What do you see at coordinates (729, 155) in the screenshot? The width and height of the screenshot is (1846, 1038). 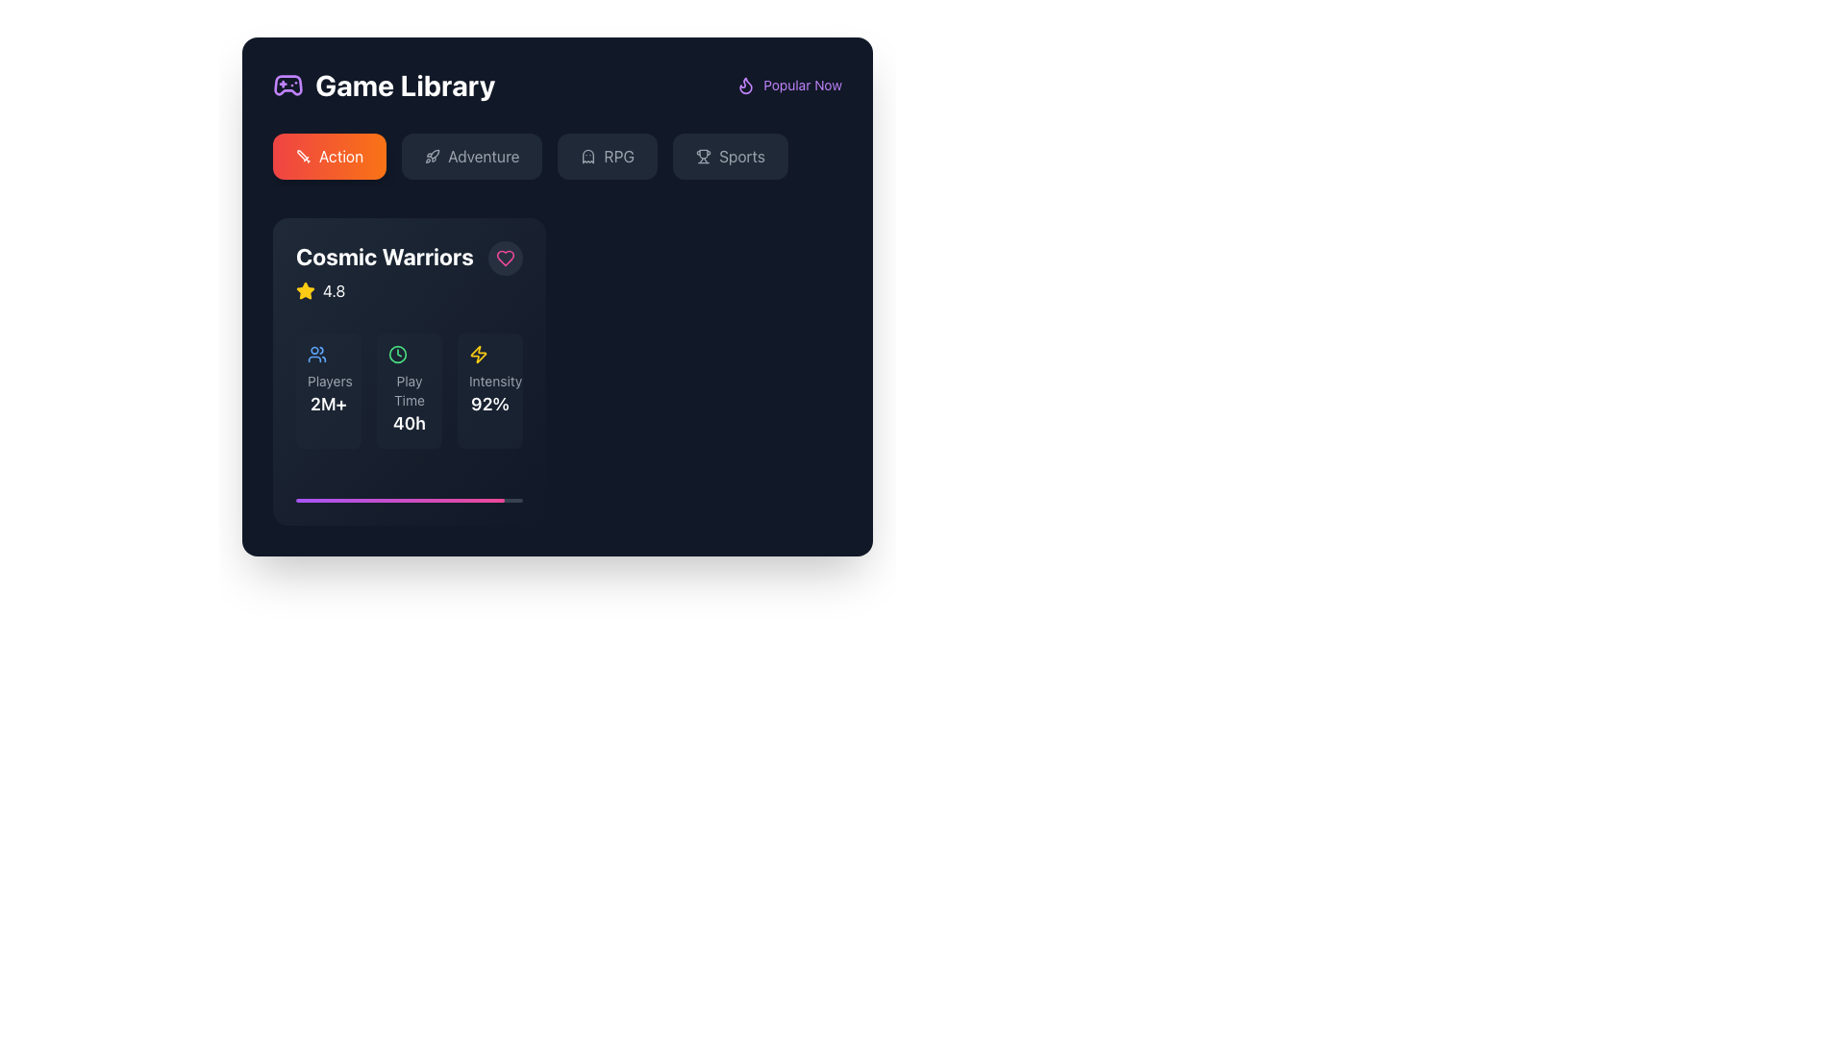 I see `the 'Sports' button, which has a dark gray background and a trophy icon` at bounding box center [729, 155].